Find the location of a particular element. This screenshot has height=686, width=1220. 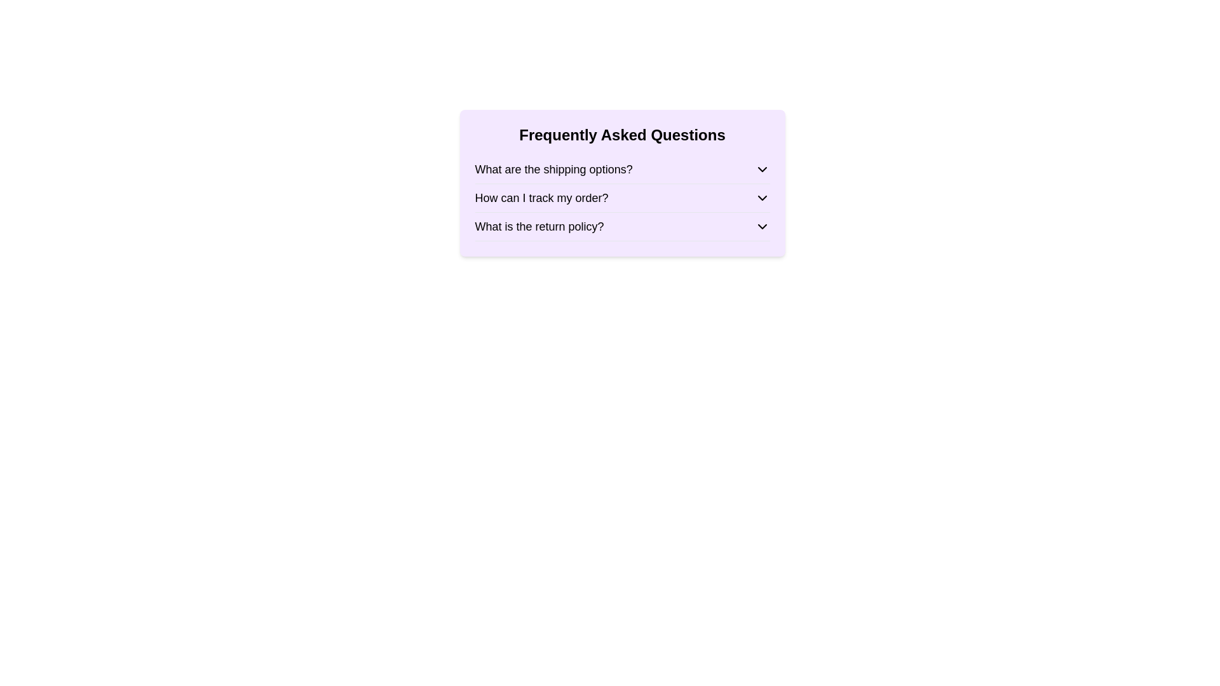

the second question in the FAQ list, which is designed is located at coordinates (541, 198).